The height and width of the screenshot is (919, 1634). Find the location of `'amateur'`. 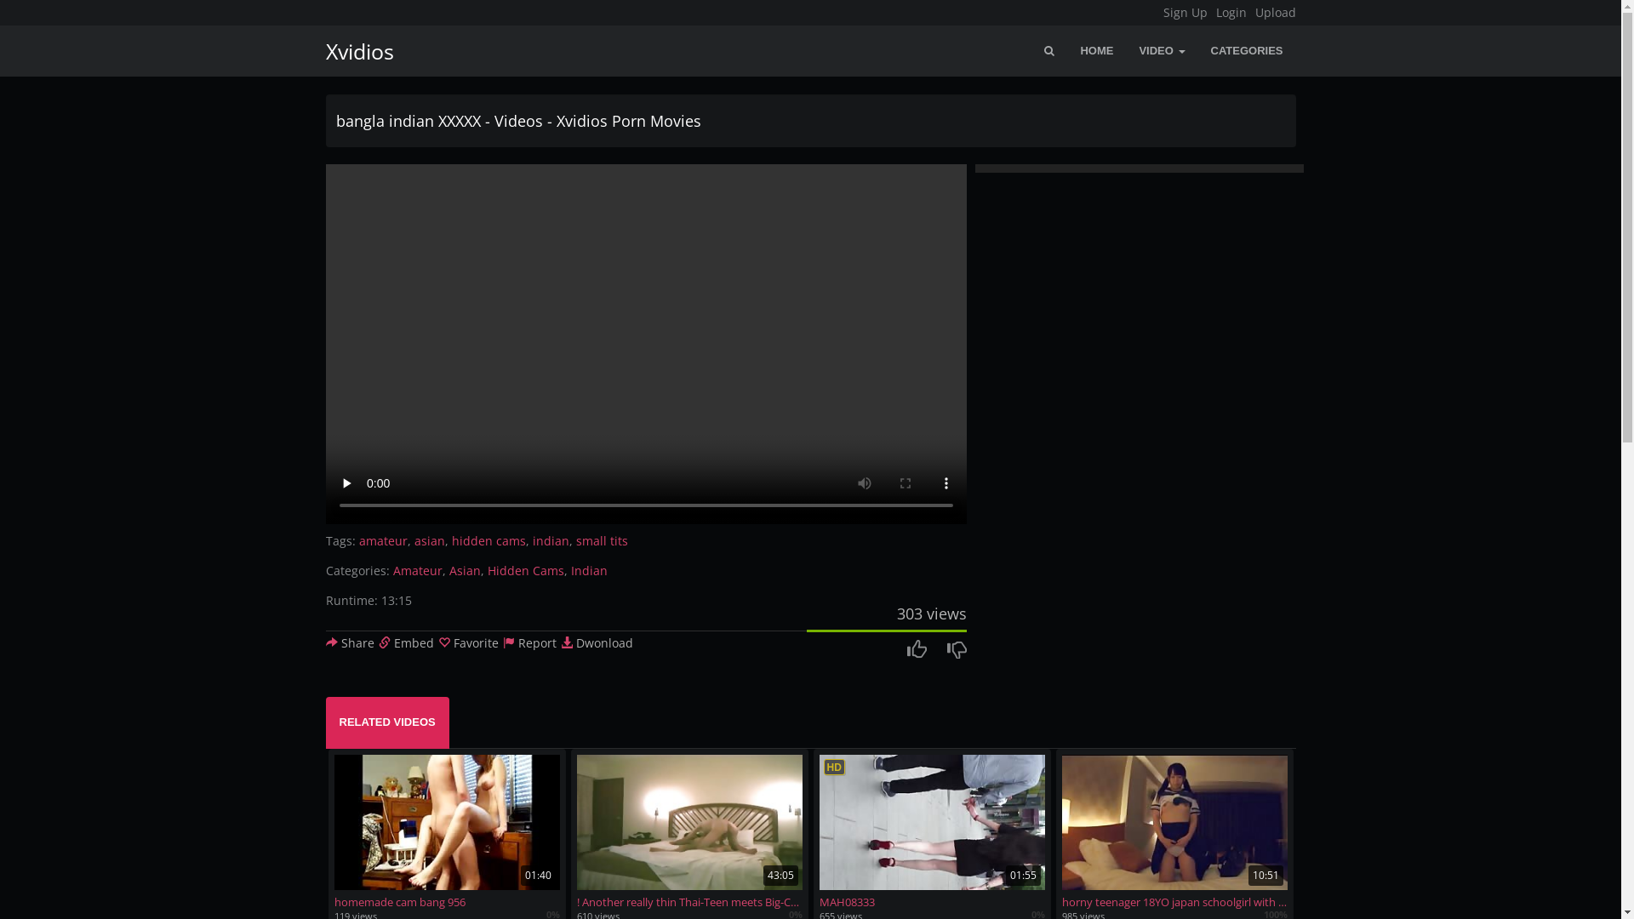

'amateur' is located at coordinates (382, 540).